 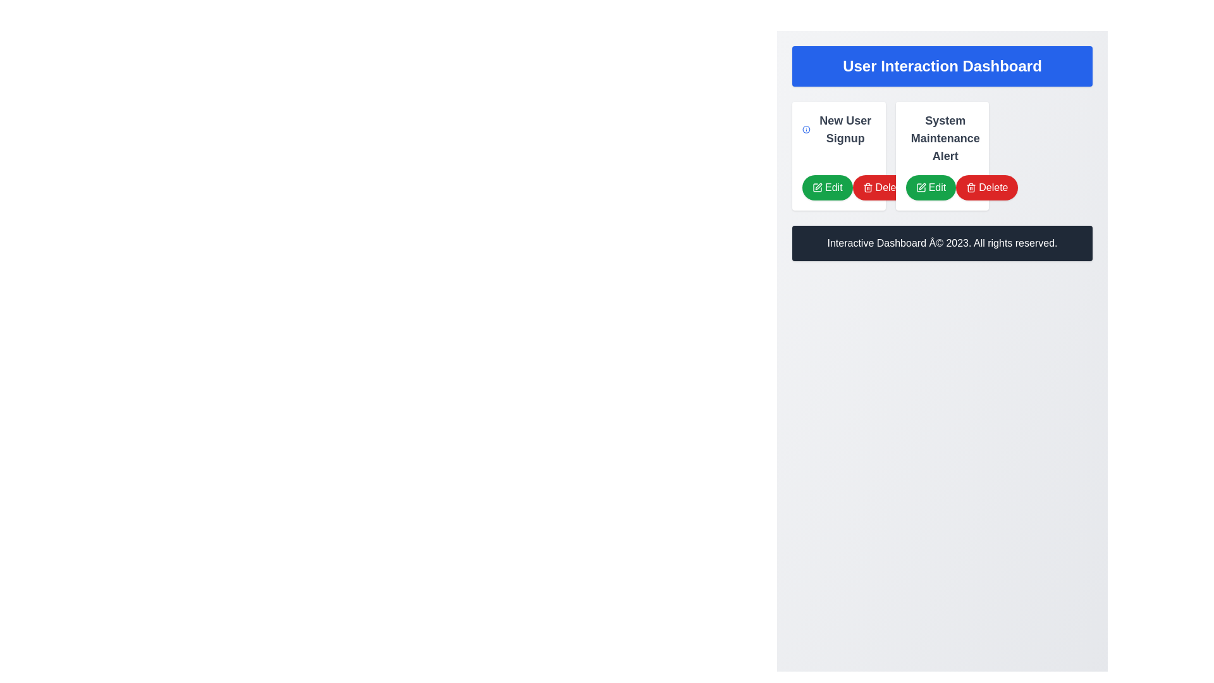 I want to click on the informational icon located to the left of the title text in the 'New User Signup' section, so click(x=806, y=129).